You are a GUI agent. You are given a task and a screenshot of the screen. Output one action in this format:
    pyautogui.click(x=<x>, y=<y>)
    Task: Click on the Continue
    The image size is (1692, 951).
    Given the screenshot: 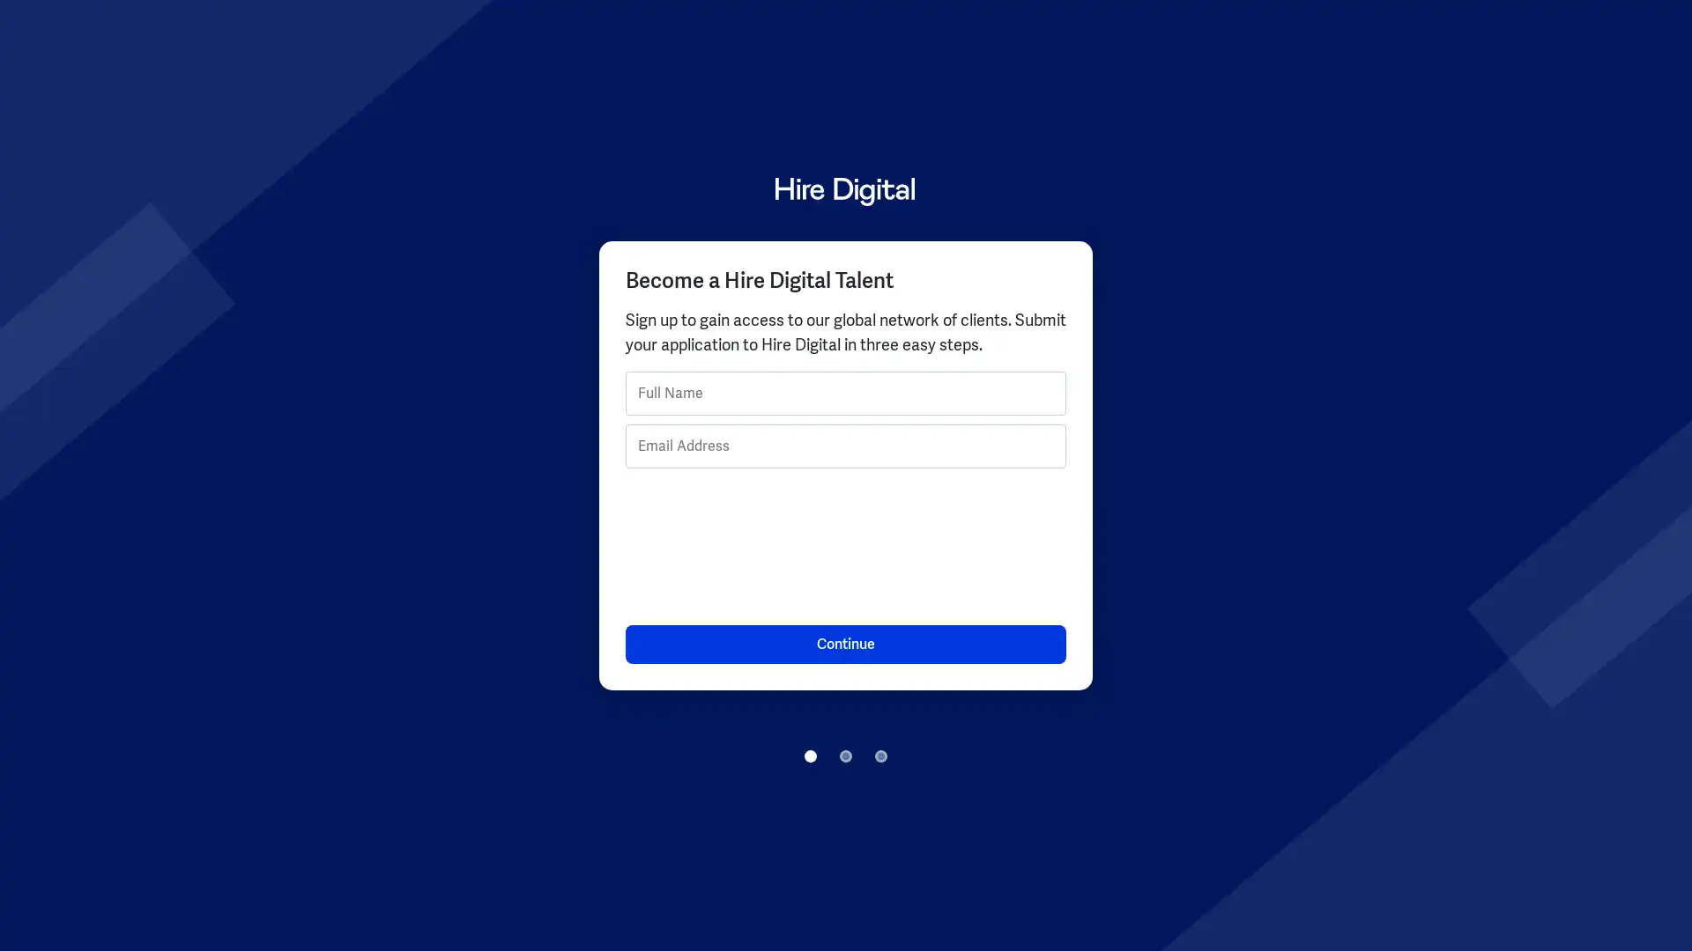 What is the action you would take?
    pyautogui.click(x=846, y=644)
    